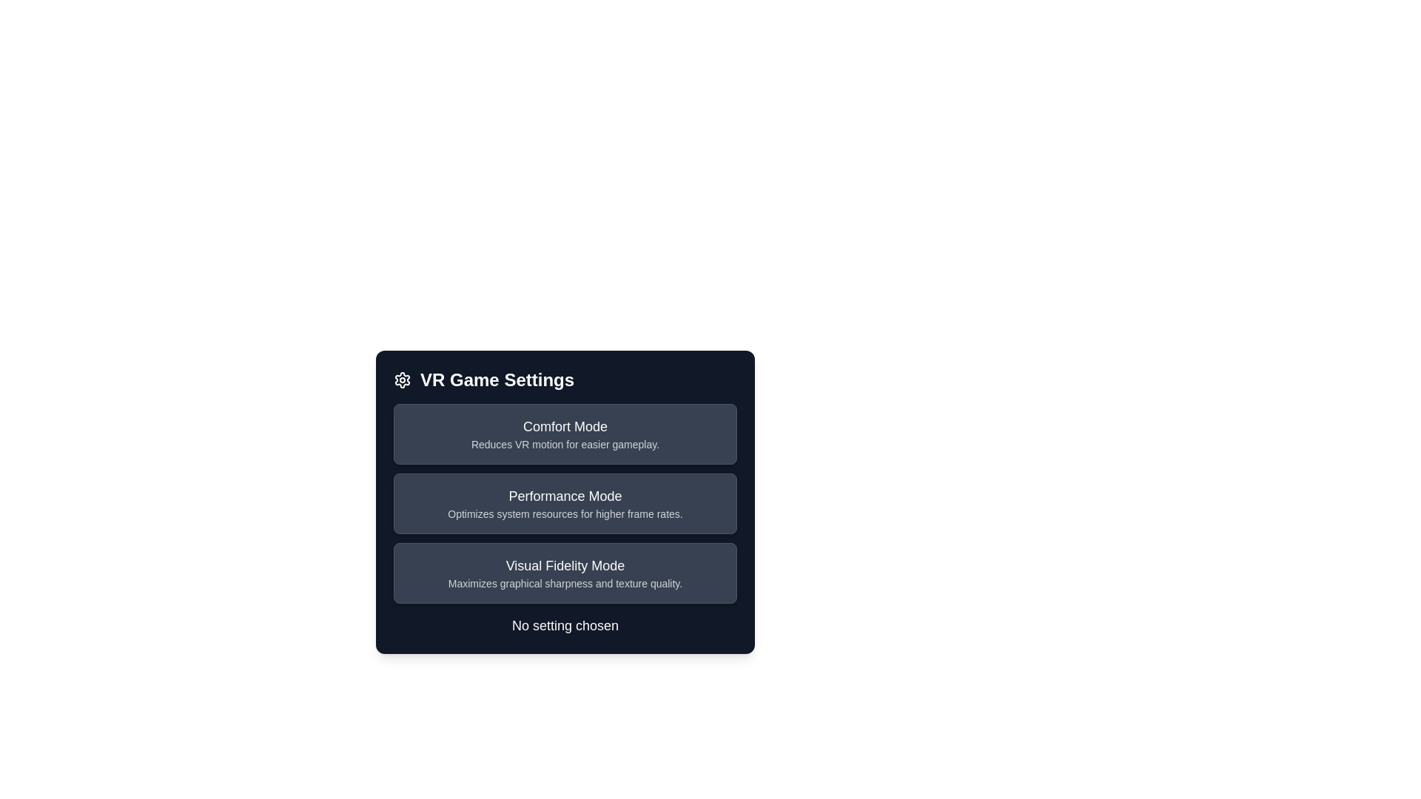  Describe the element at coordinates (564, 501) in the screenshot. I see `the 'Performance Mode' option in the VR Game Settings list` at that location.